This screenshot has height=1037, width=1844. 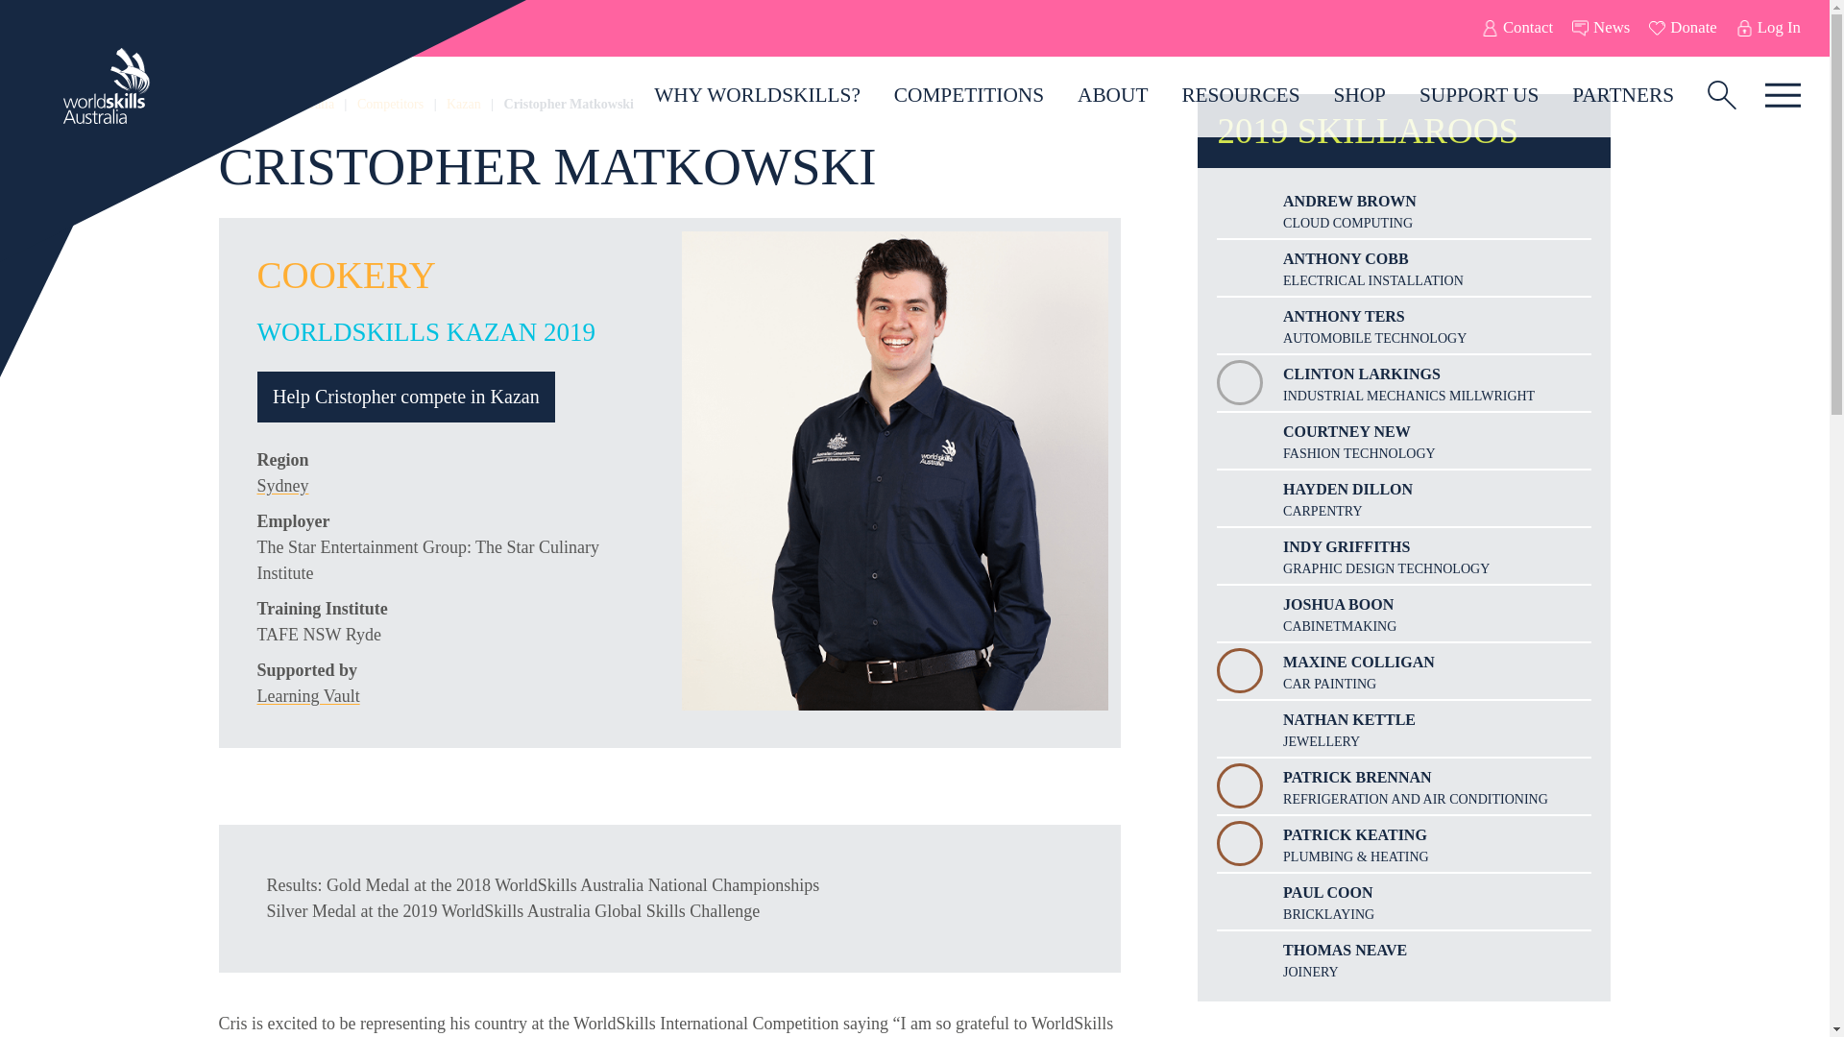 What do you see at coordinates (346, 275) in the screenshot?
I see `'COOKERY'` at bounding box center [346, 275].